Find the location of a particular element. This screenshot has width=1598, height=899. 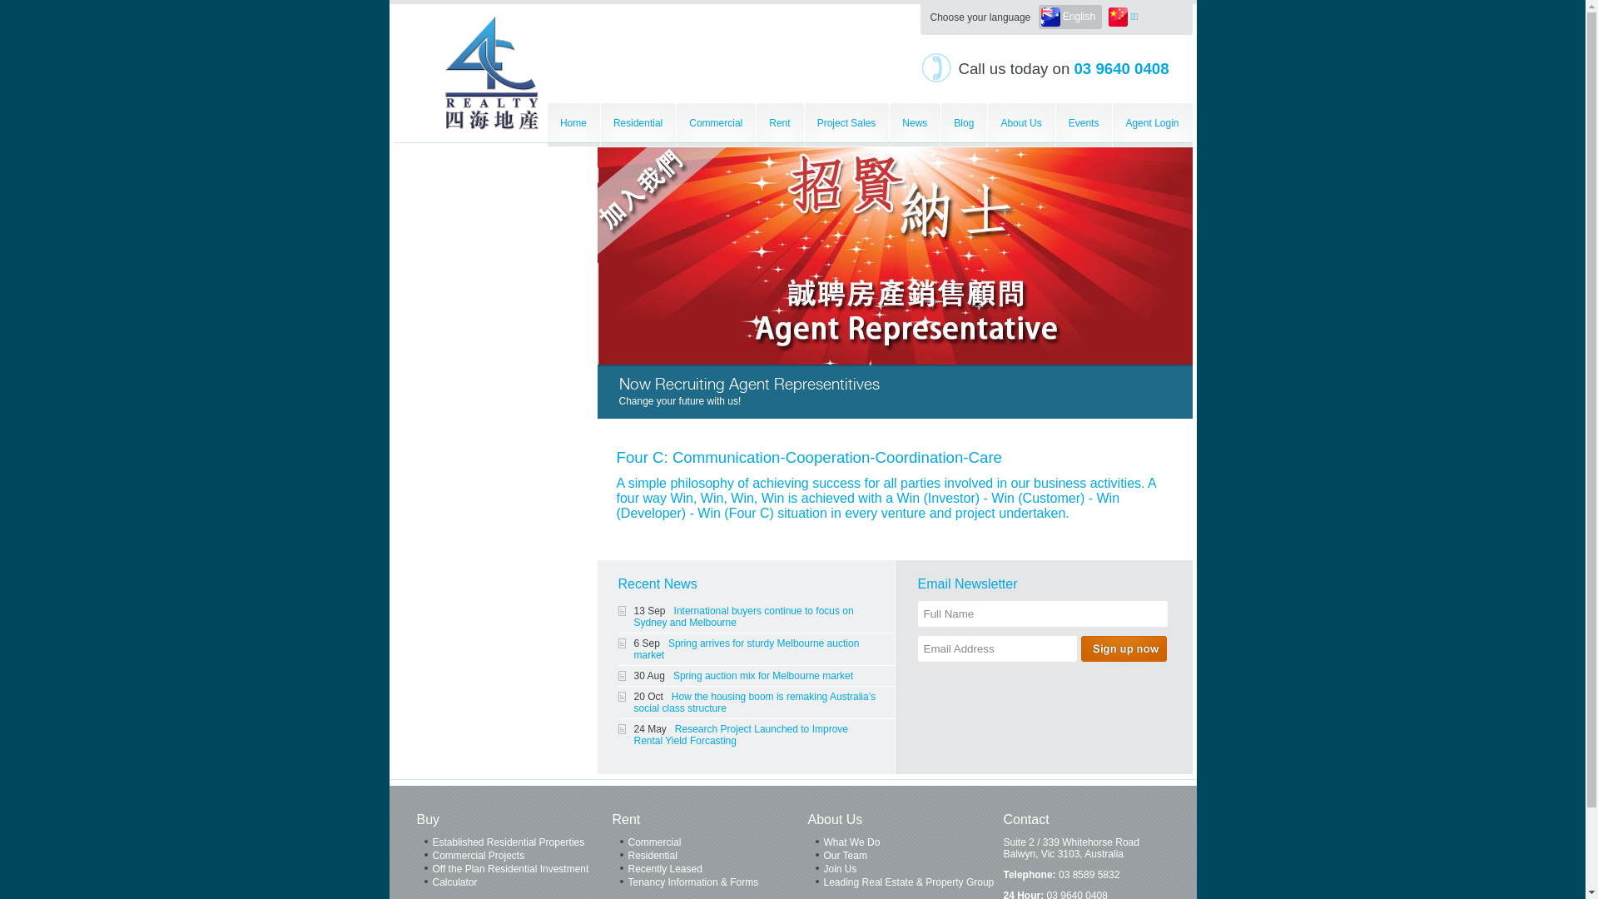

'Home' is located at coordinates (573, 124).